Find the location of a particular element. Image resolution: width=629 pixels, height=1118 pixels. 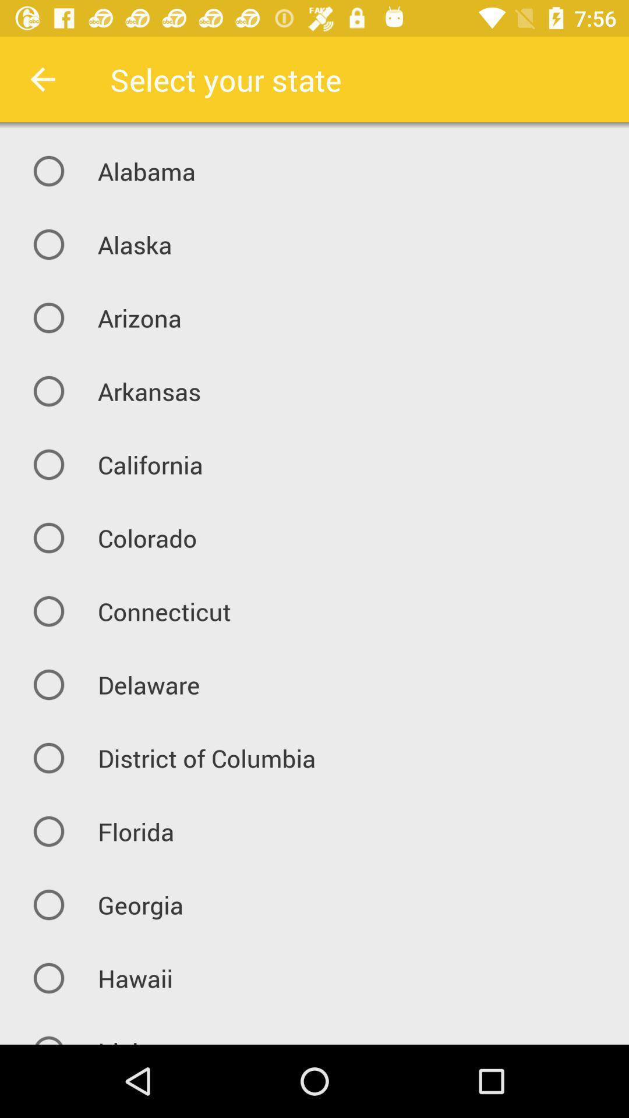

go back is located at coordinates (42, 79).